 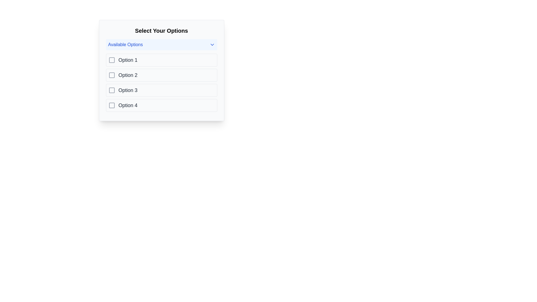 I want to click on the Text label for the selectable item in the 'Select Your Options' panel, which is positioned fourth in the list, adjacent to a checkbox, so click(x=128, y=105).